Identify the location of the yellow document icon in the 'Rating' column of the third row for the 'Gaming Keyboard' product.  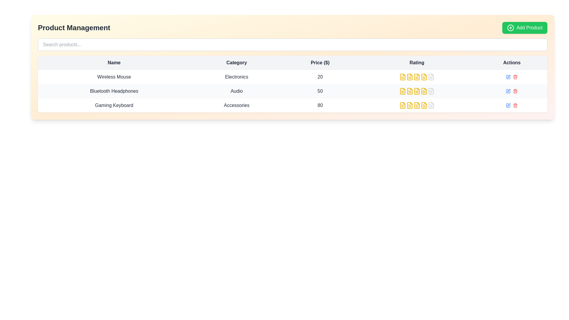
(409, 105).